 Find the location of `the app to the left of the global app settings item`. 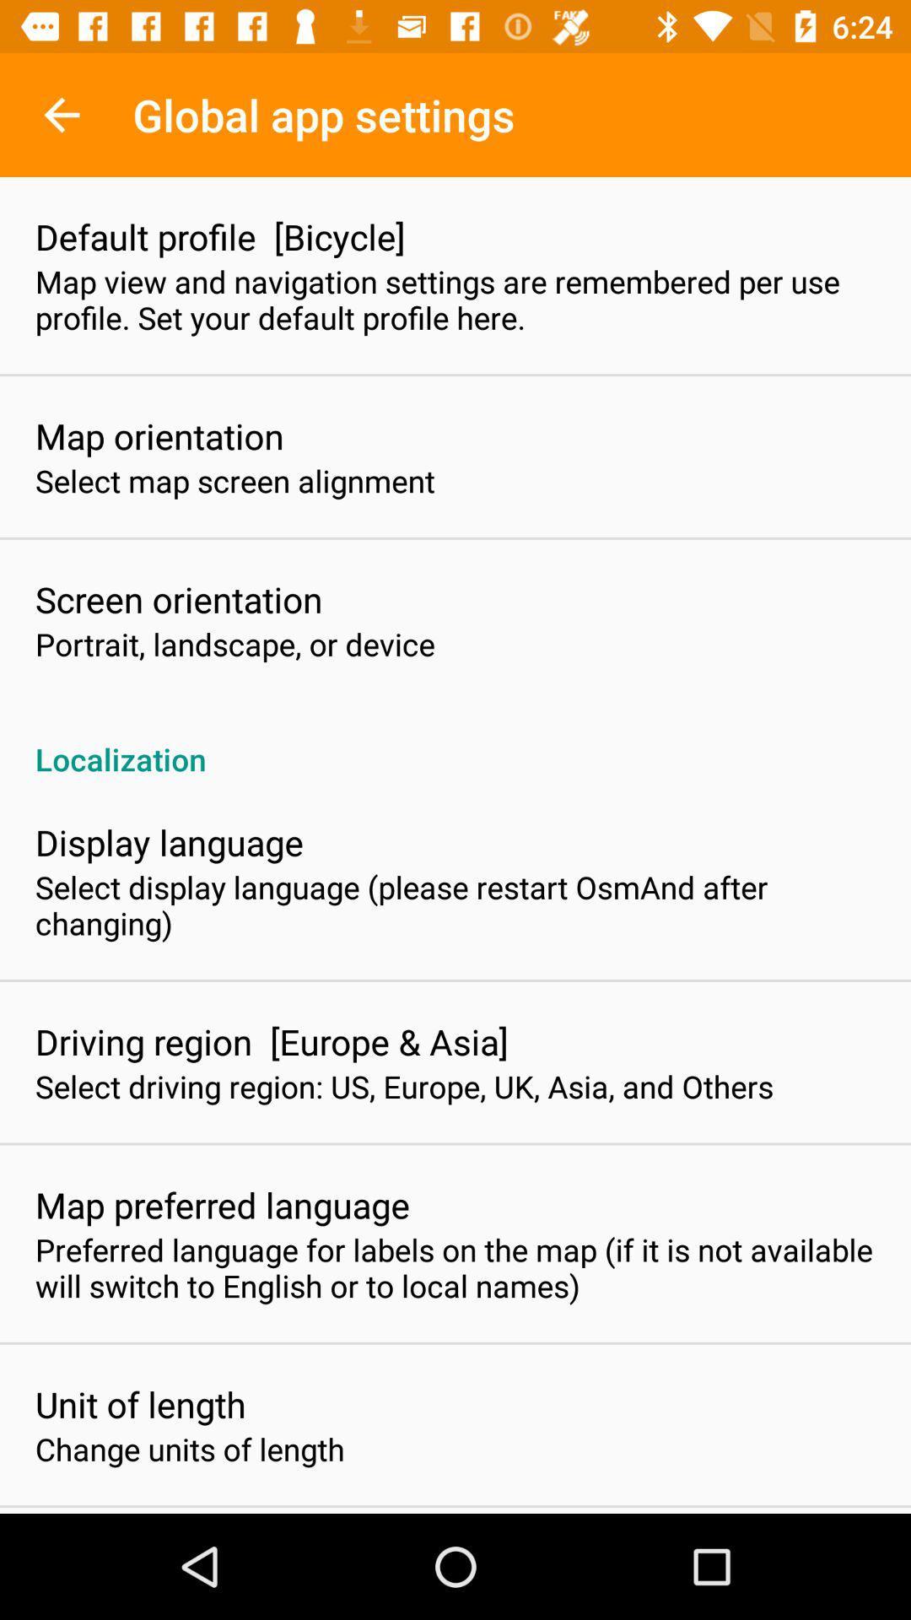

the app to the left of the global app settings item is located at coordinates (61, 114).